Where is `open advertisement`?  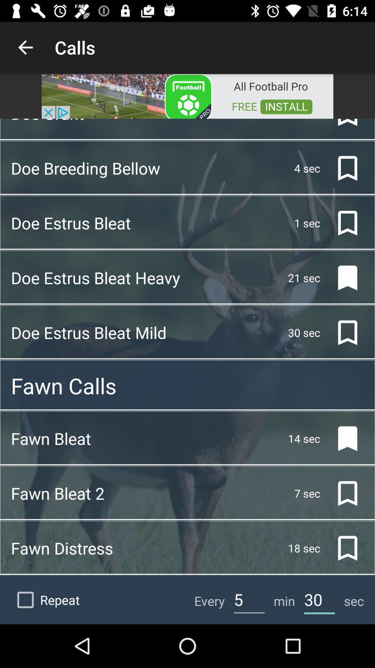 open advertisement is located at coordinates (187, 95).